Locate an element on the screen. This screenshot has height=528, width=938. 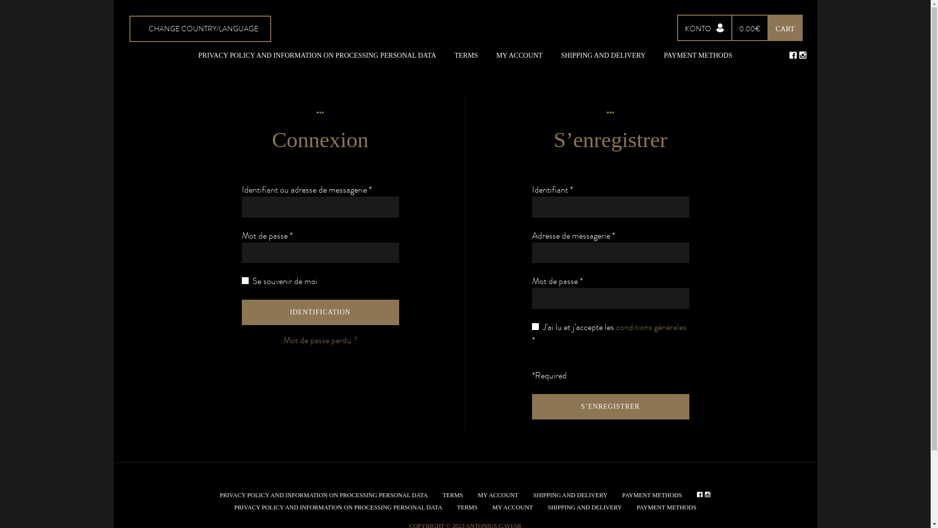
'PRIVACY POLICY AND INFORMATION ON PROCESSING PERSONAL DATA' is located at coordinates (317, 55).